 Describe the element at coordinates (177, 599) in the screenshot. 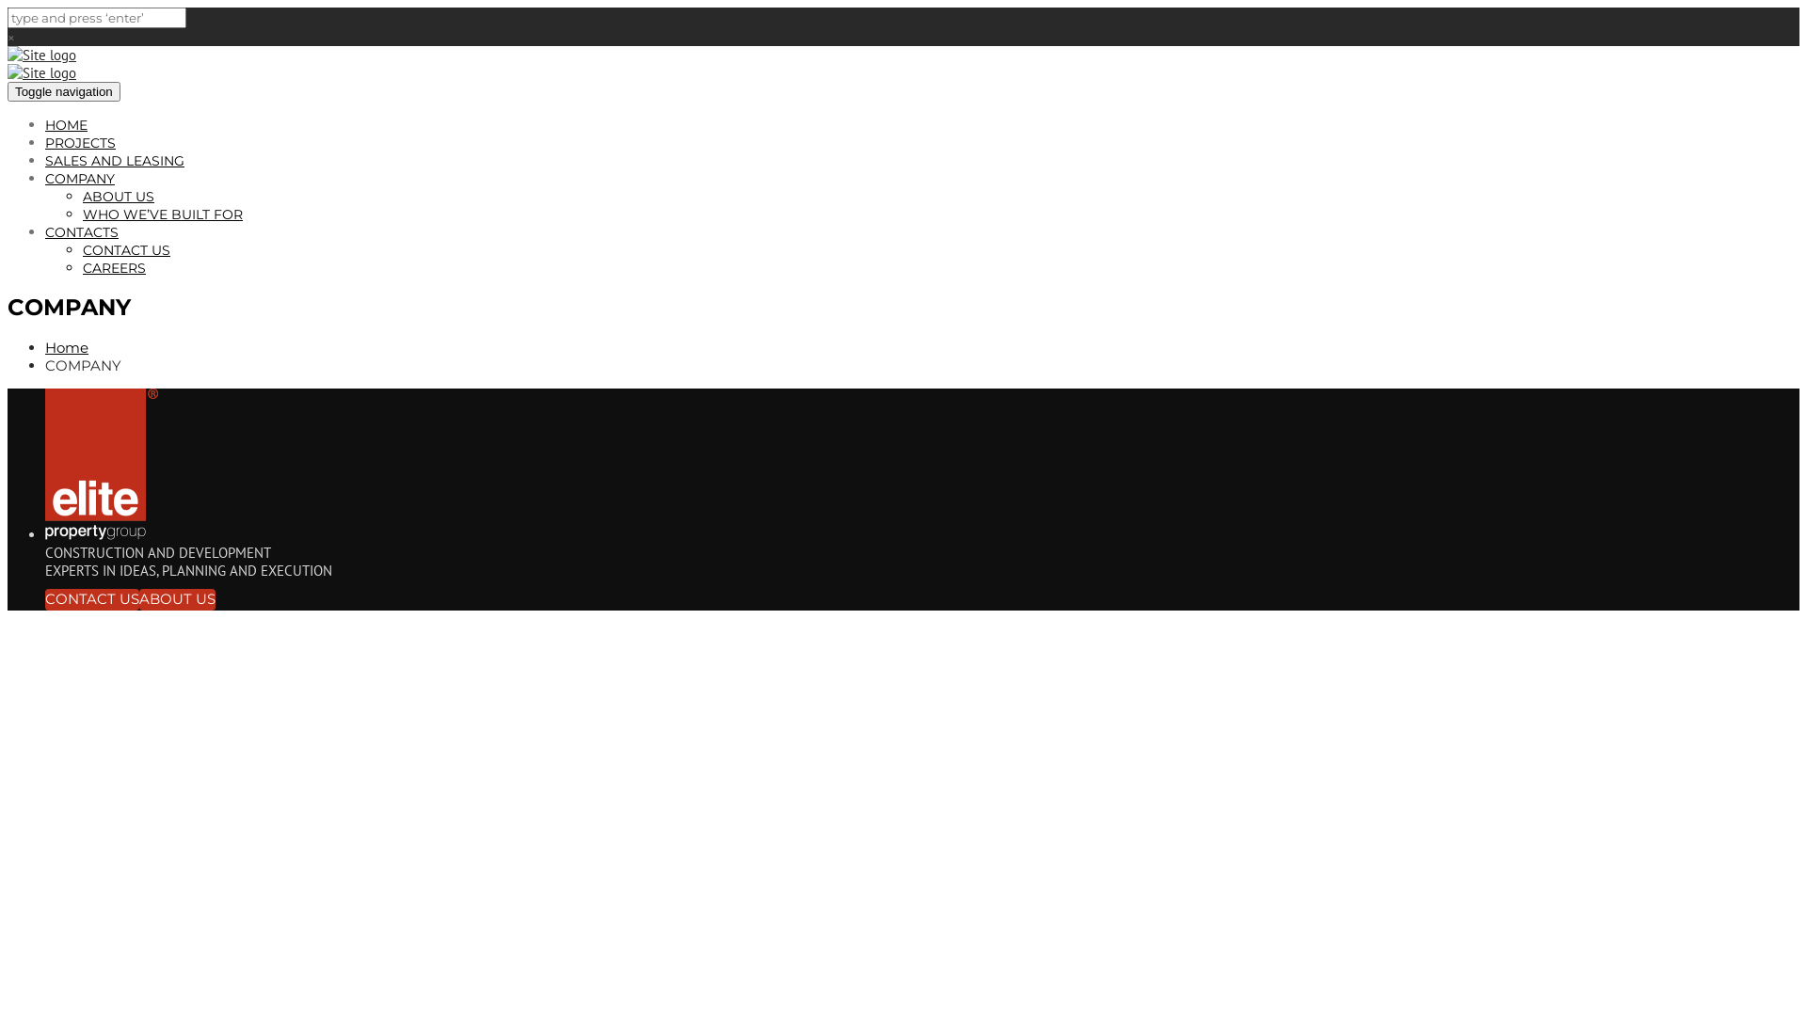

I see `'ABOUT US'` at that location.